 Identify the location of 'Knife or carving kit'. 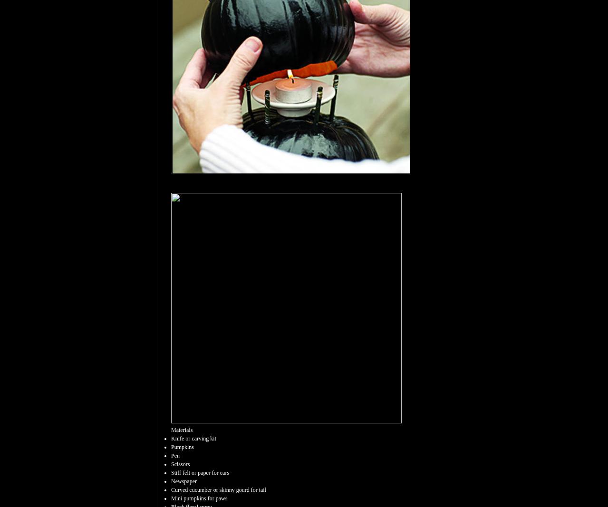
(193, 438).